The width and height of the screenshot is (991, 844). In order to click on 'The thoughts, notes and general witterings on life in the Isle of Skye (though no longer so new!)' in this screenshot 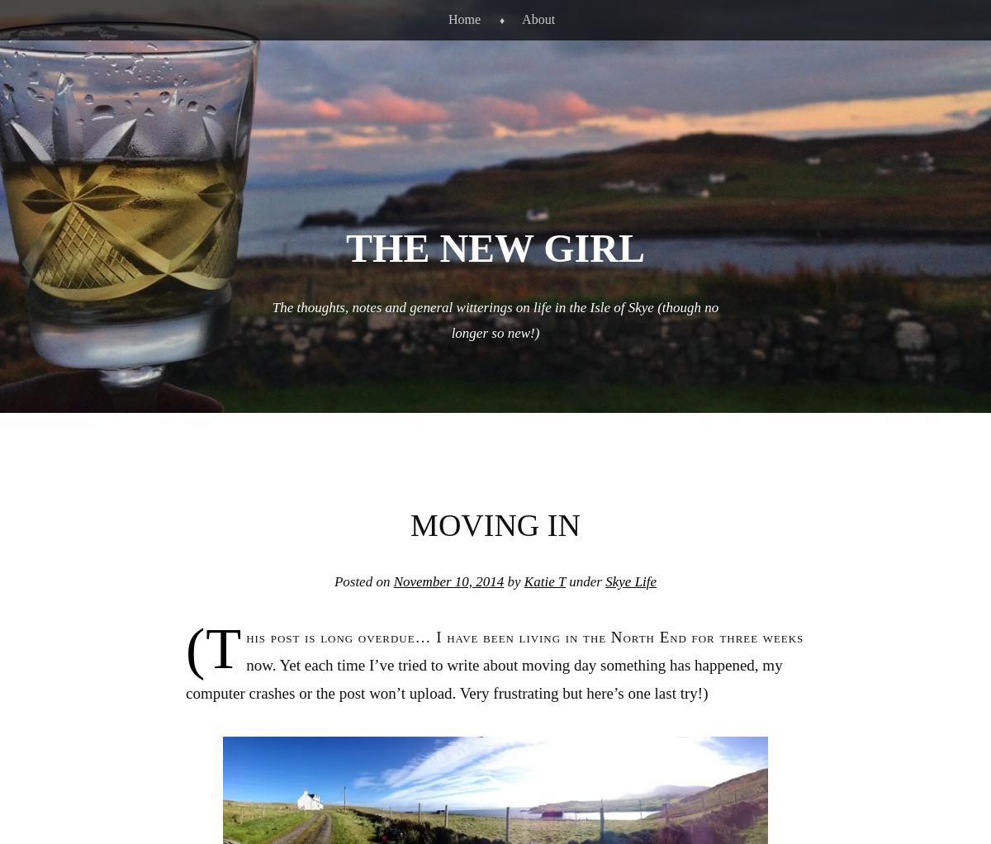, I will do `click(272, 319)`.